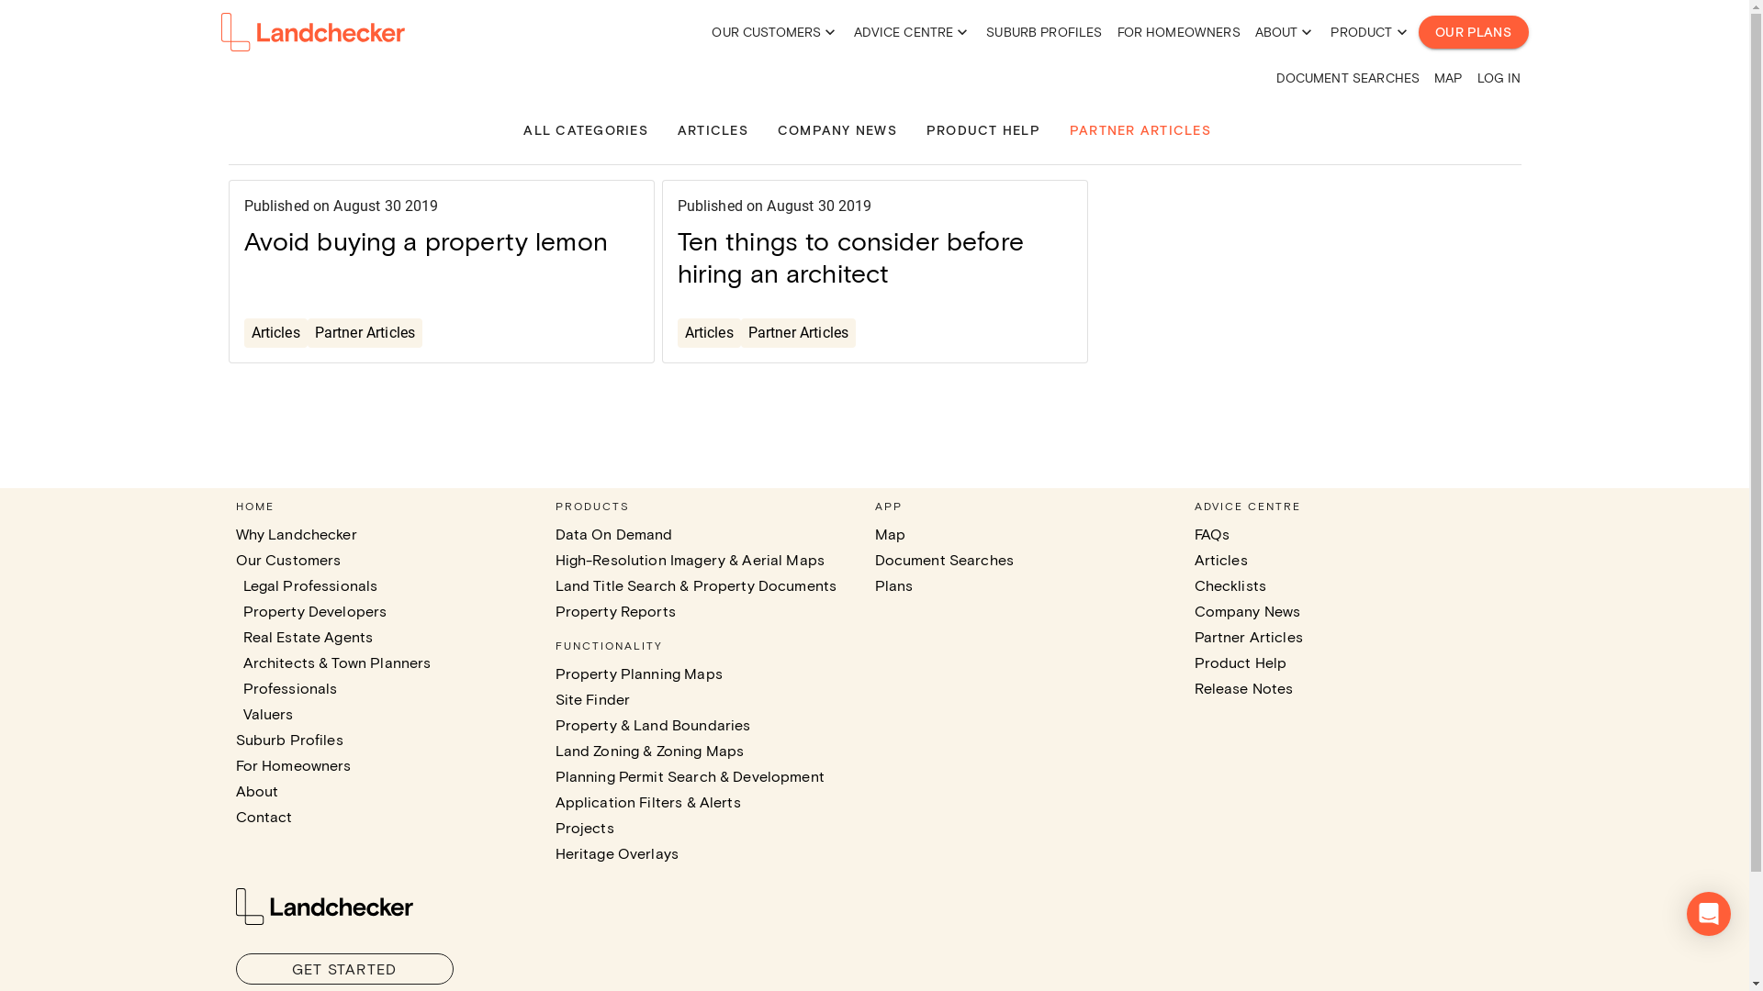 The width and height of the screenshot is (1763, 991). I want to click on 'Avoid buying a property lemon', so click(425, 239).